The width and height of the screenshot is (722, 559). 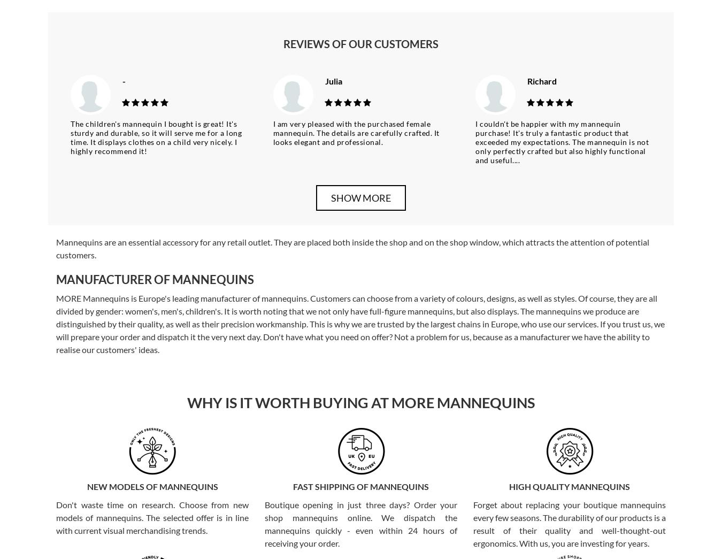 What do you see at coordinates (97, 480) in the screenshot?
I see `'Shop mannequins'` at bounding box center [97, 480].